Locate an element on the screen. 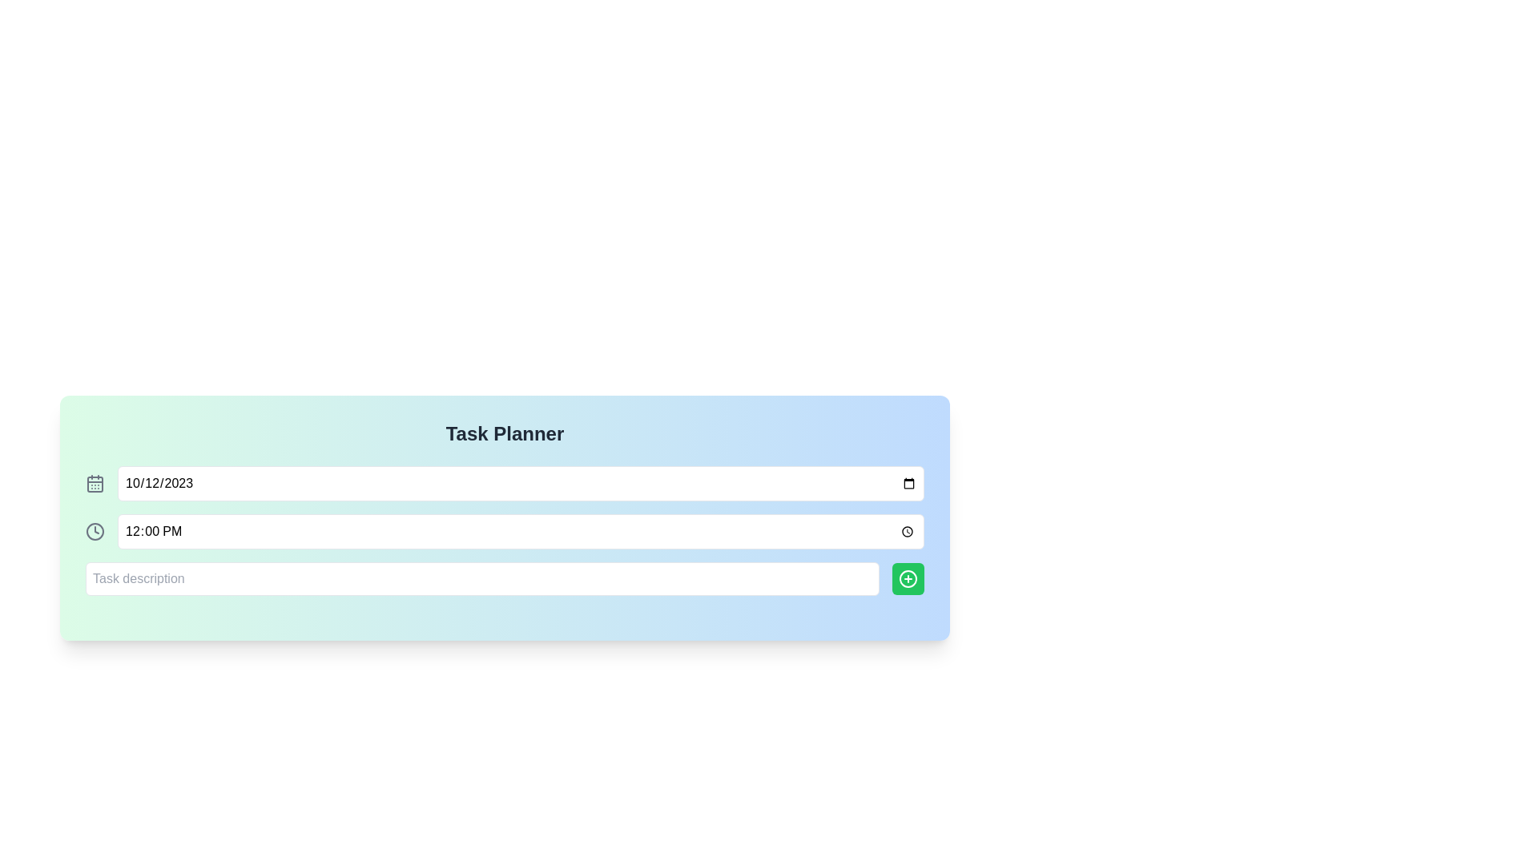  the decorative part of the calendar icon that symbolizes date selection functionality in the task planner interface, located directly to the left of the date input field labeled '10/12/2023' is located at coordinates (95, 484).